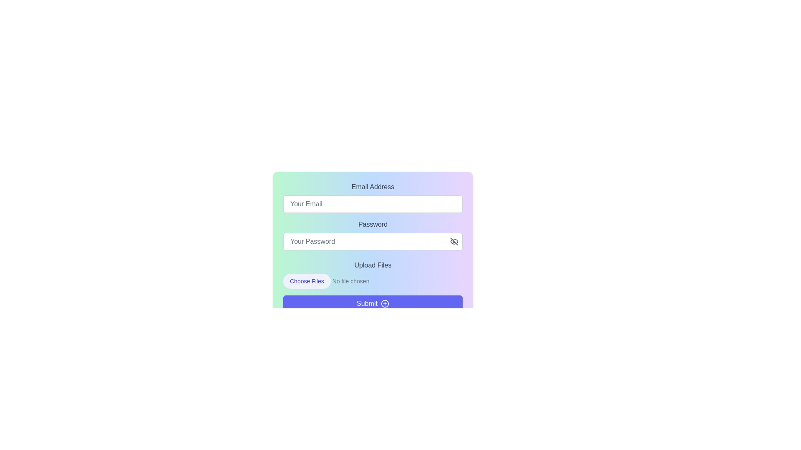 This screenshot has height=450, width=801. What do you see at coordinates (372, 247) in the screenshot?
I see `the 'Password' input field, which is a rectangular input field with rounded corners and a gradient background, to focus on it` at bounding box center [372, 247].